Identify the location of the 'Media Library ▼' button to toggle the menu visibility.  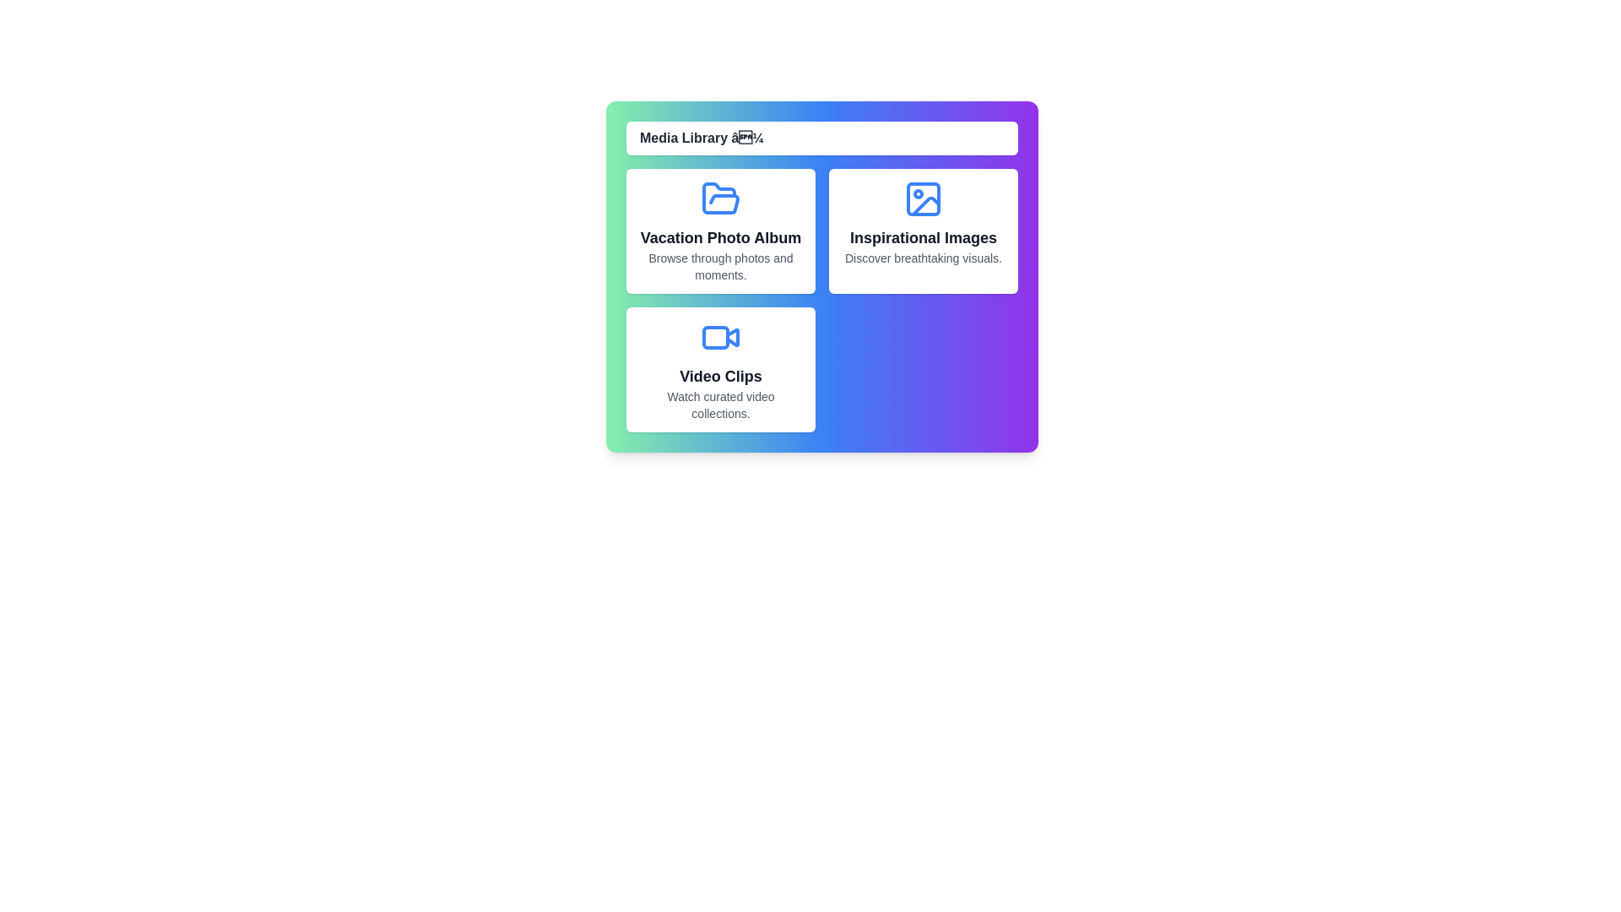
(822, 138).